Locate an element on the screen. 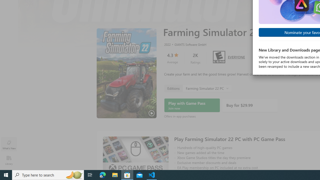 Image resolution: width=320 pixels, height=180 pixels. '2022' is located at coordinates (167, 44).